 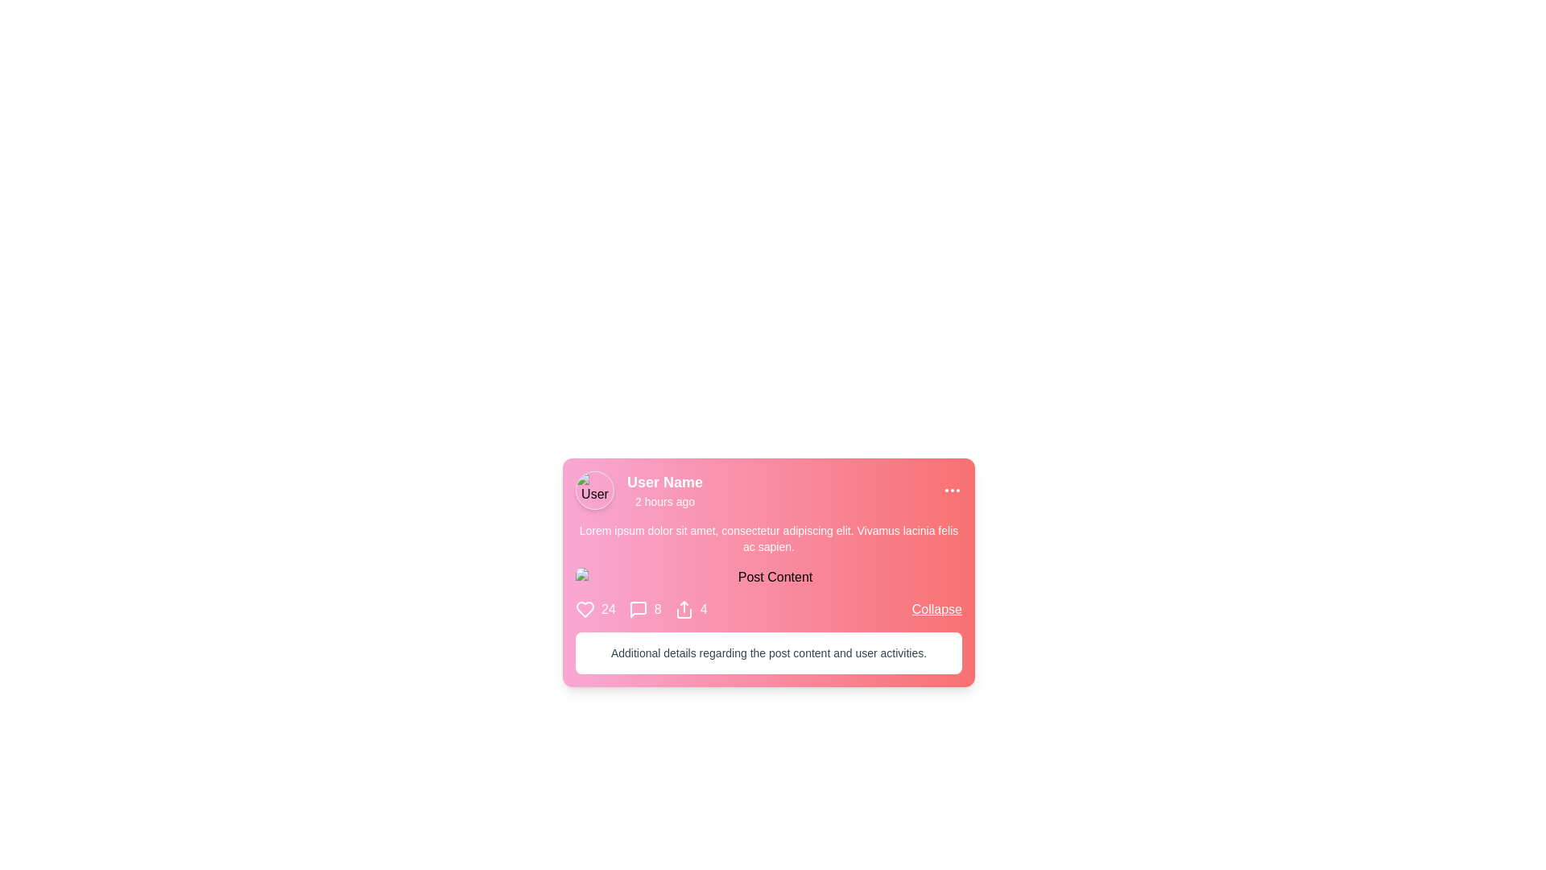 What do you see at coordinates (952, 490) in the screenshot?
I see `the ellipsis menu trigger icon located in the top-right corner of the user's information section` at bounding box center [952, 490].